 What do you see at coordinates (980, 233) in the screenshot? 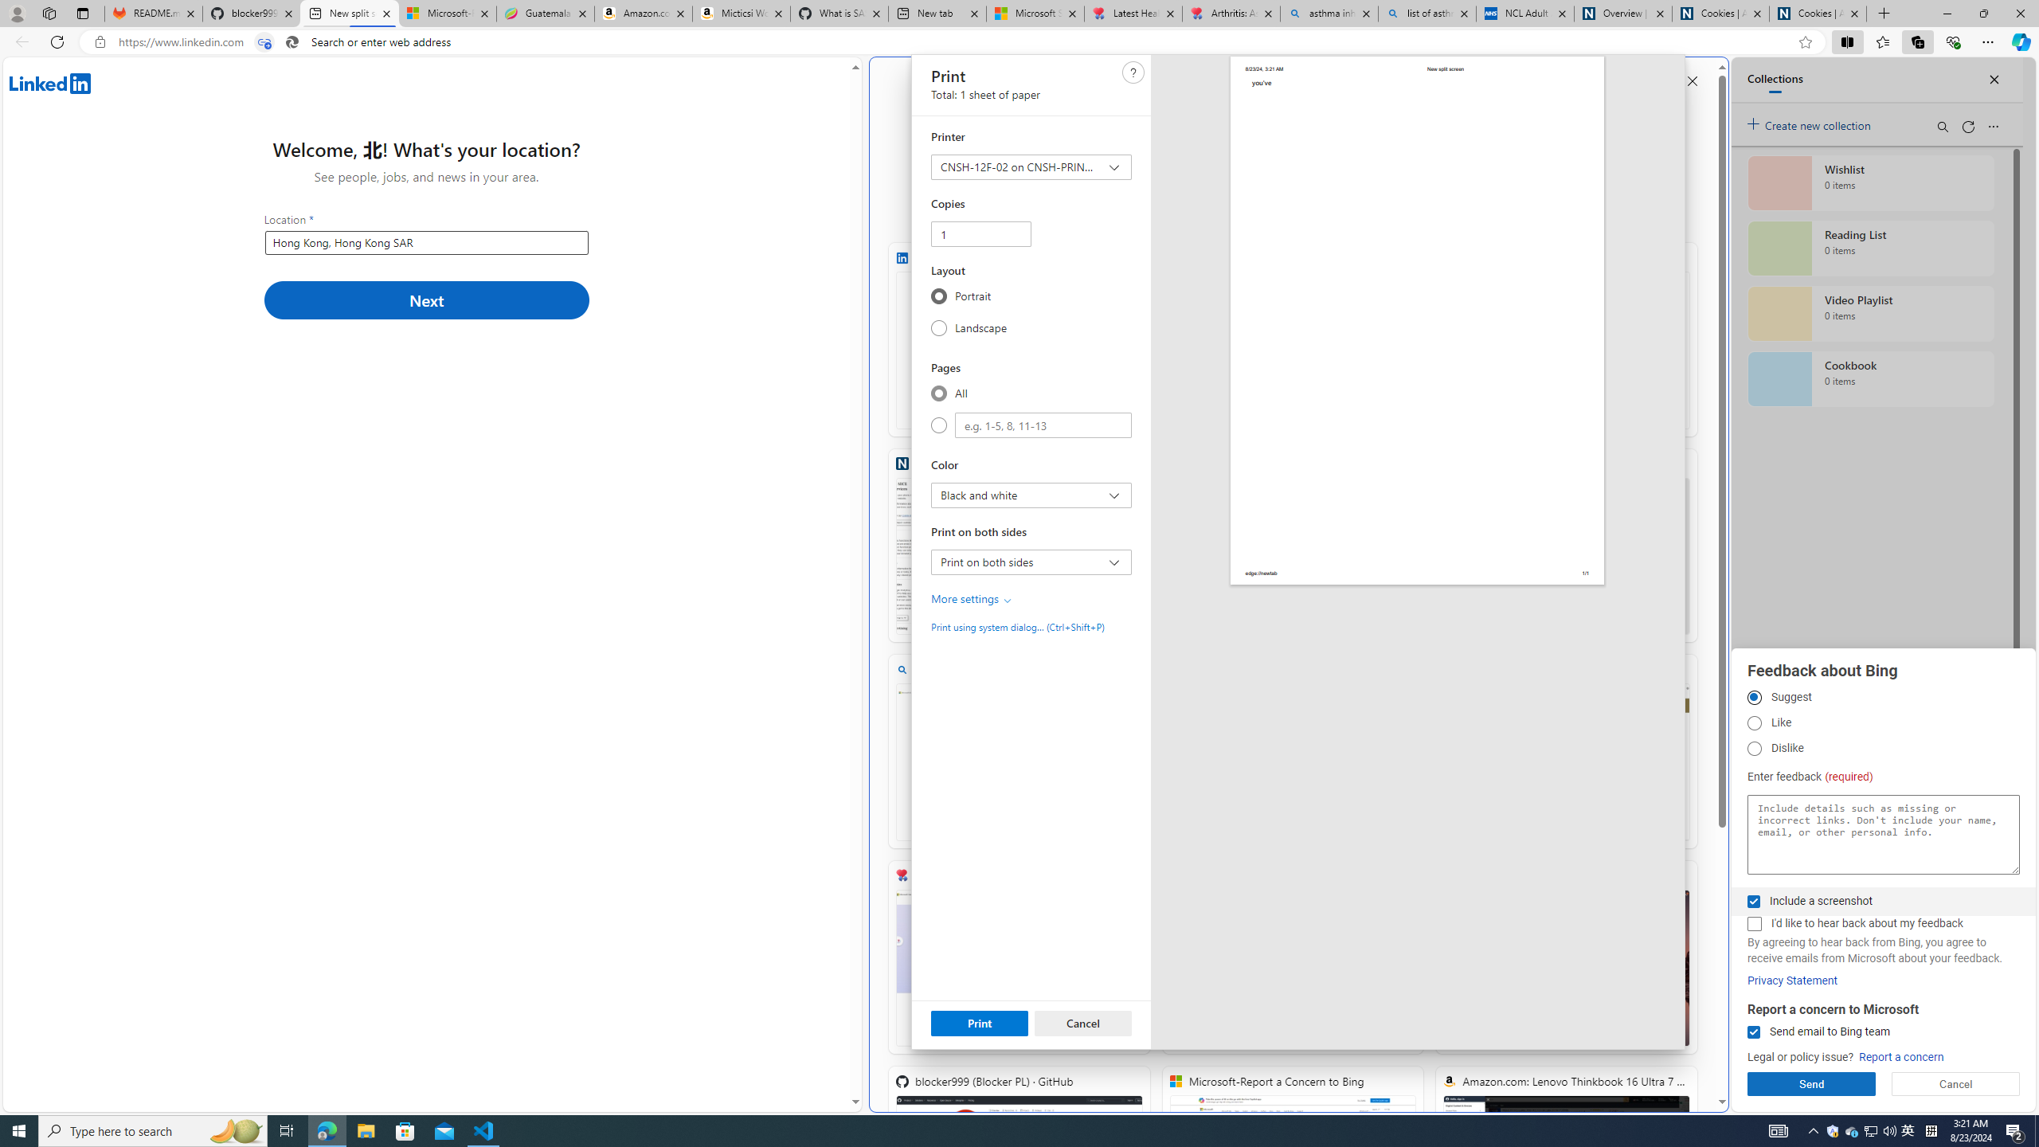
I see `'Copies'` at bounding box center [980, 233].